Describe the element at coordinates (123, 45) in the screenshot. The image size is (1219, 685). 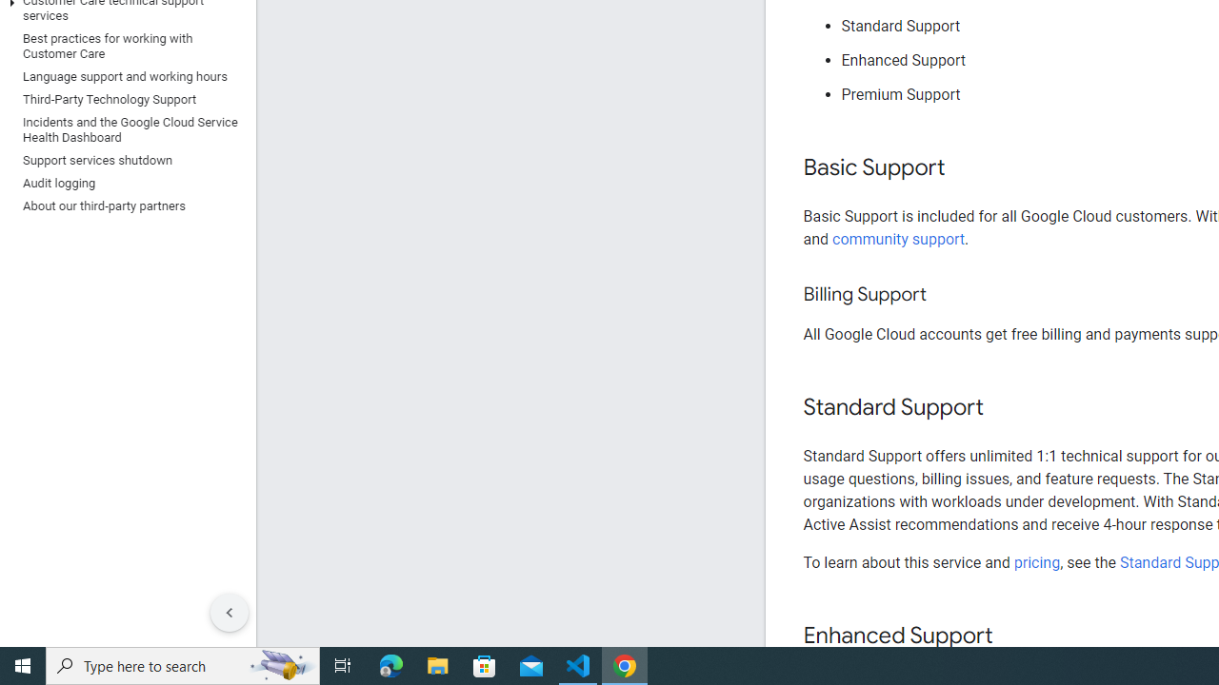
I see `'Best practices for working with Customer Care'` at that location.